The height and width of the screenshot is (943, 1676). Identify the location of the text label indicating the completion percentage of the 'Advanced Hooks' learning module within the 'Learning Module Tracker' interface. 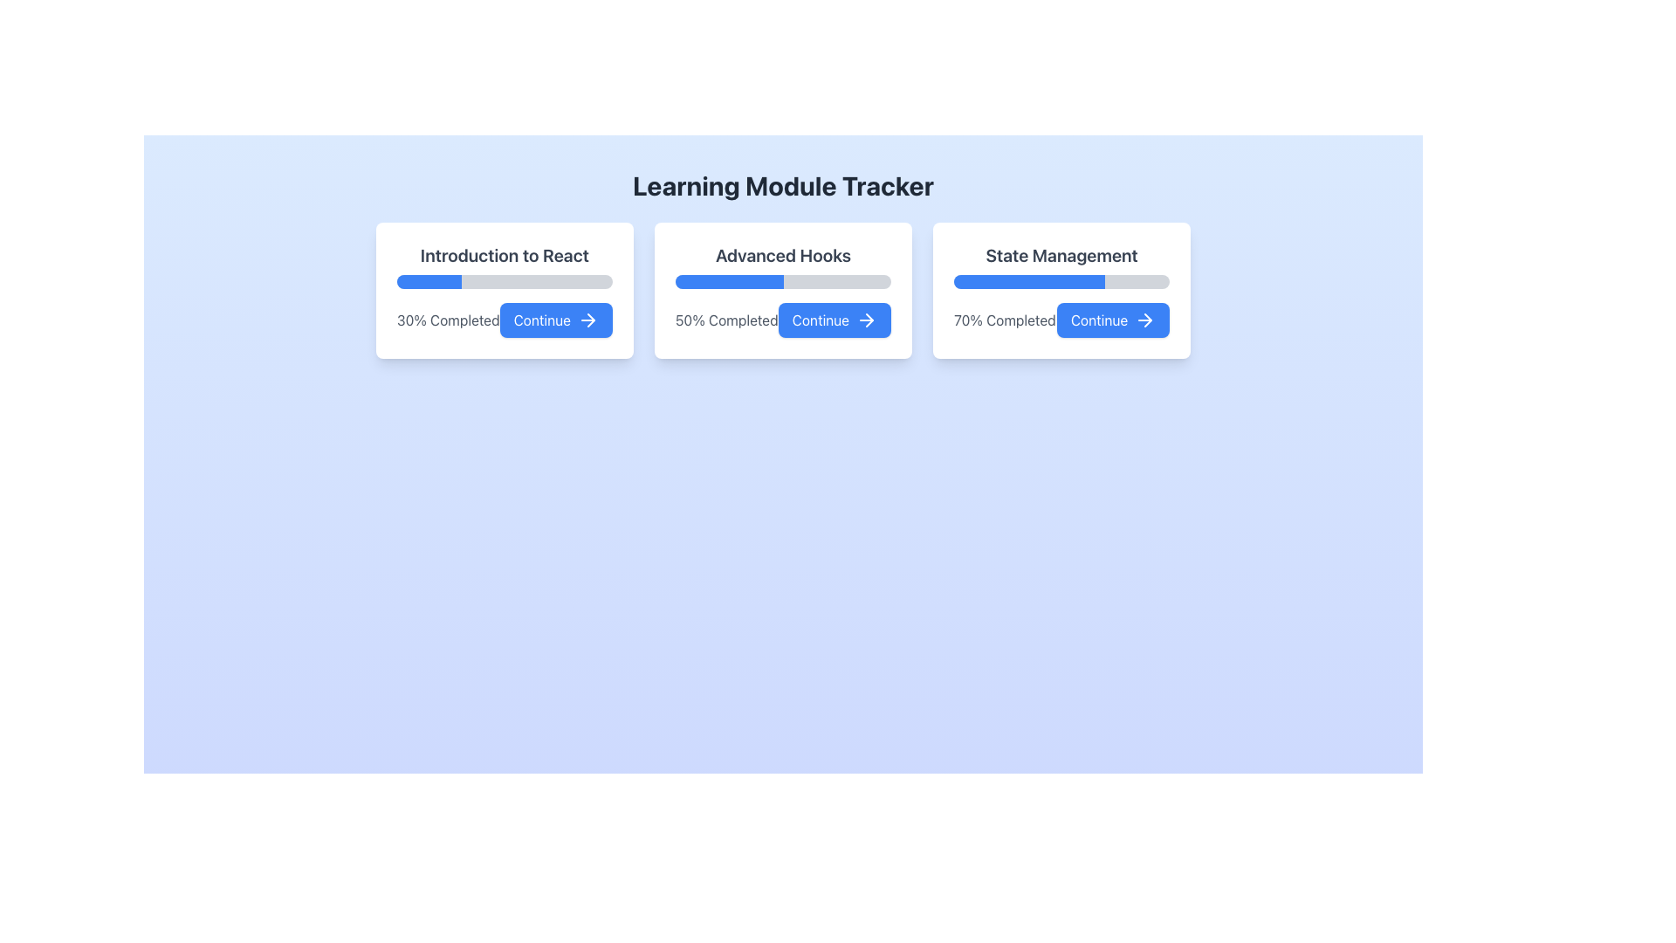
(726, 320).